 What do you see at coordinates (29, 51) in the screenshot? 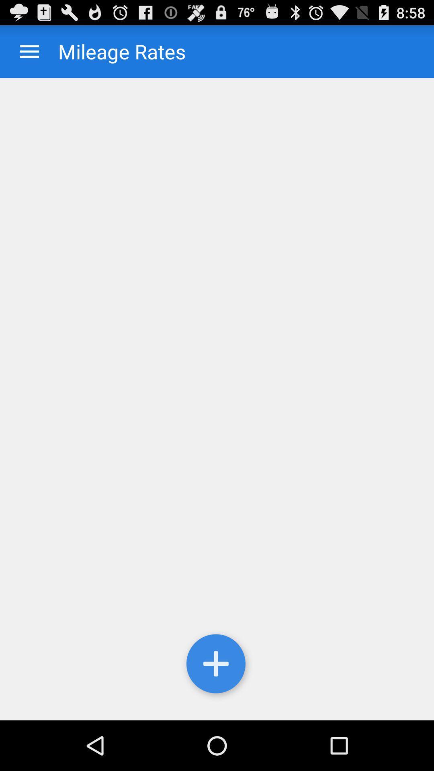
I see `go back` at bounding box center [29, 51].